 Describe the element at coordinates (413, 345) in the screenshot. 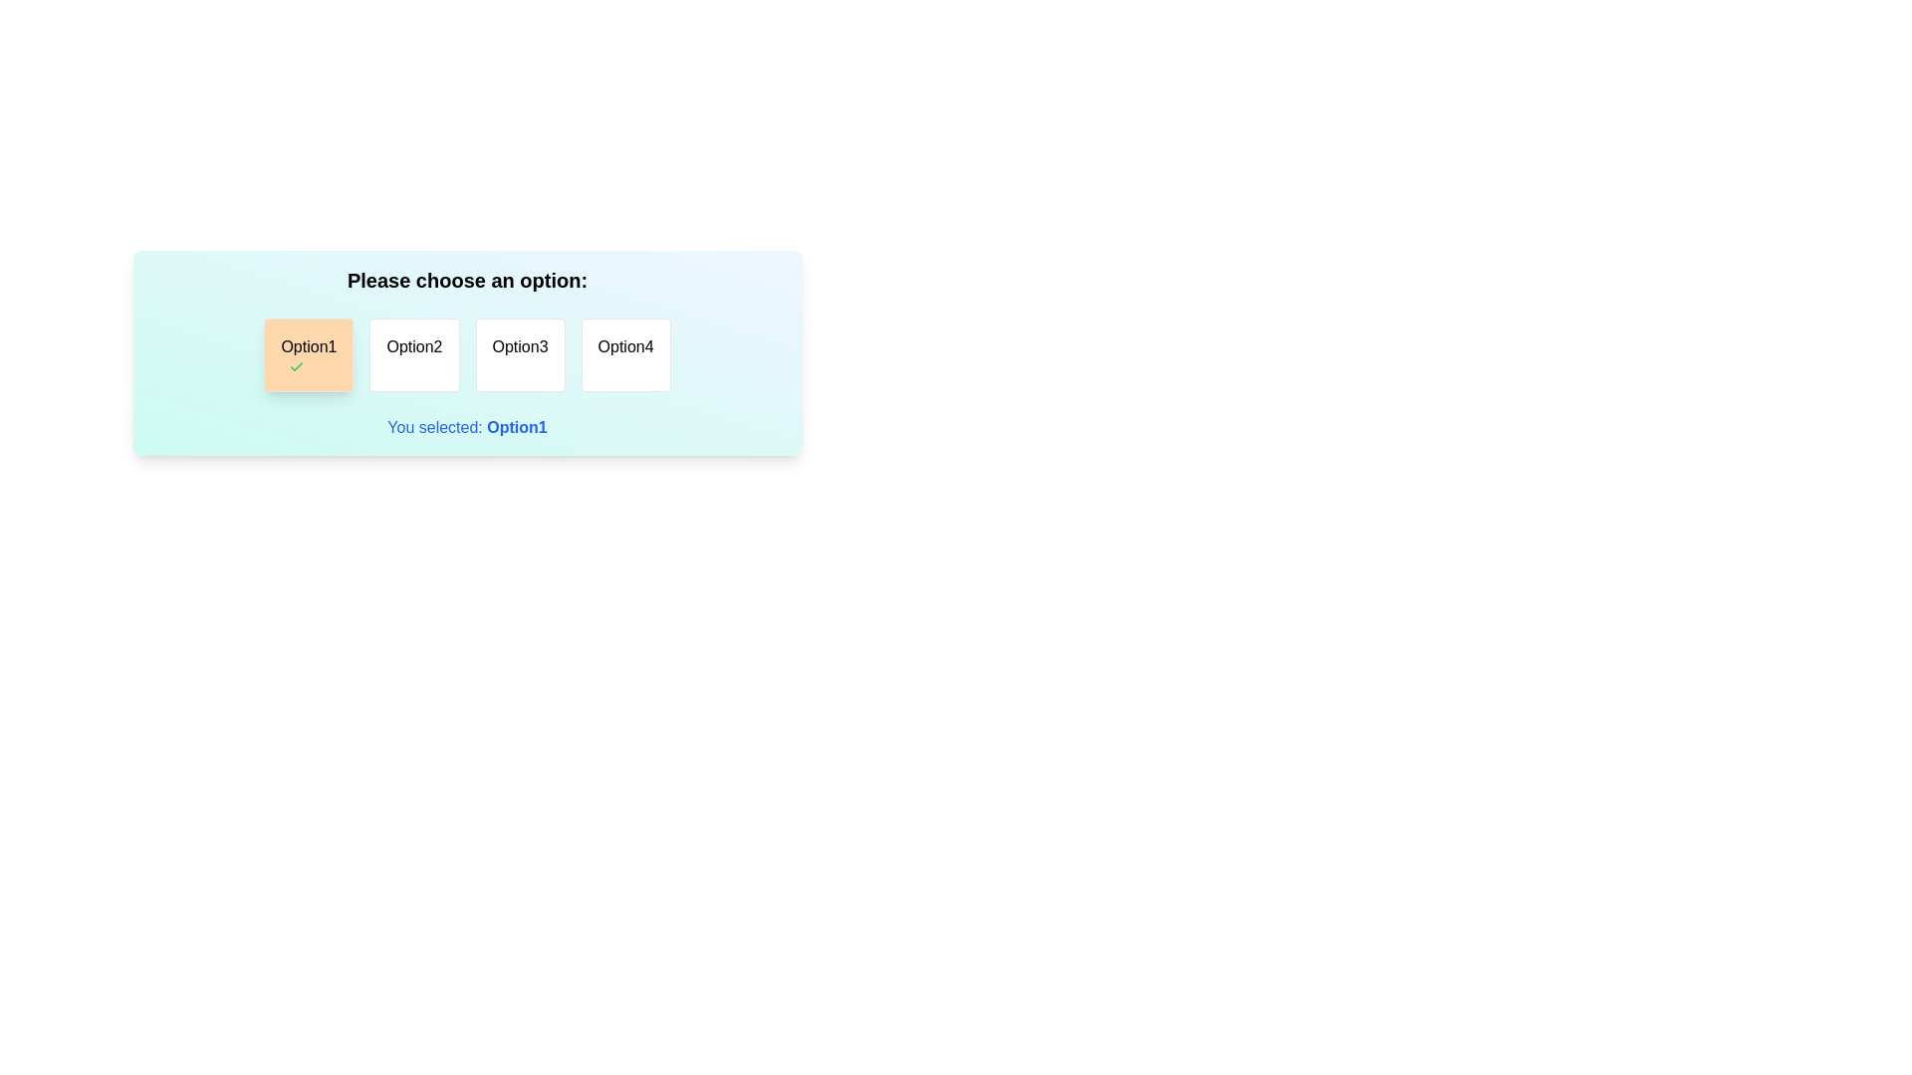

I see `the 'Option2' button, which is a clickable option with a white background and centered text, located within a series of options labeled 'Please choose an option:'` at that location.